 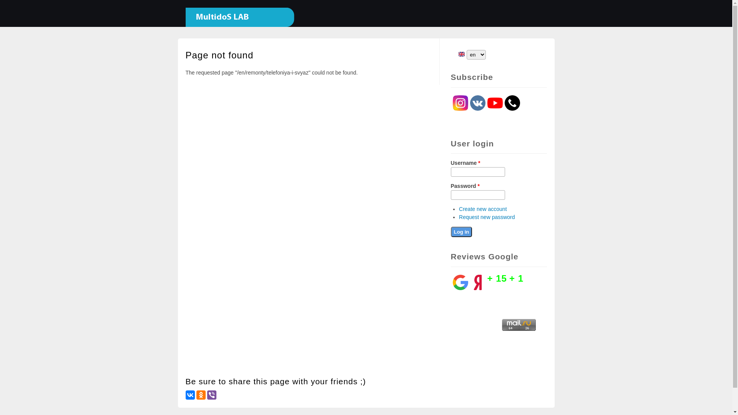 What do you see at coordinates (497, 278) in the screenshot?
I see `'+ 15'` at bounding box center [497, 278].